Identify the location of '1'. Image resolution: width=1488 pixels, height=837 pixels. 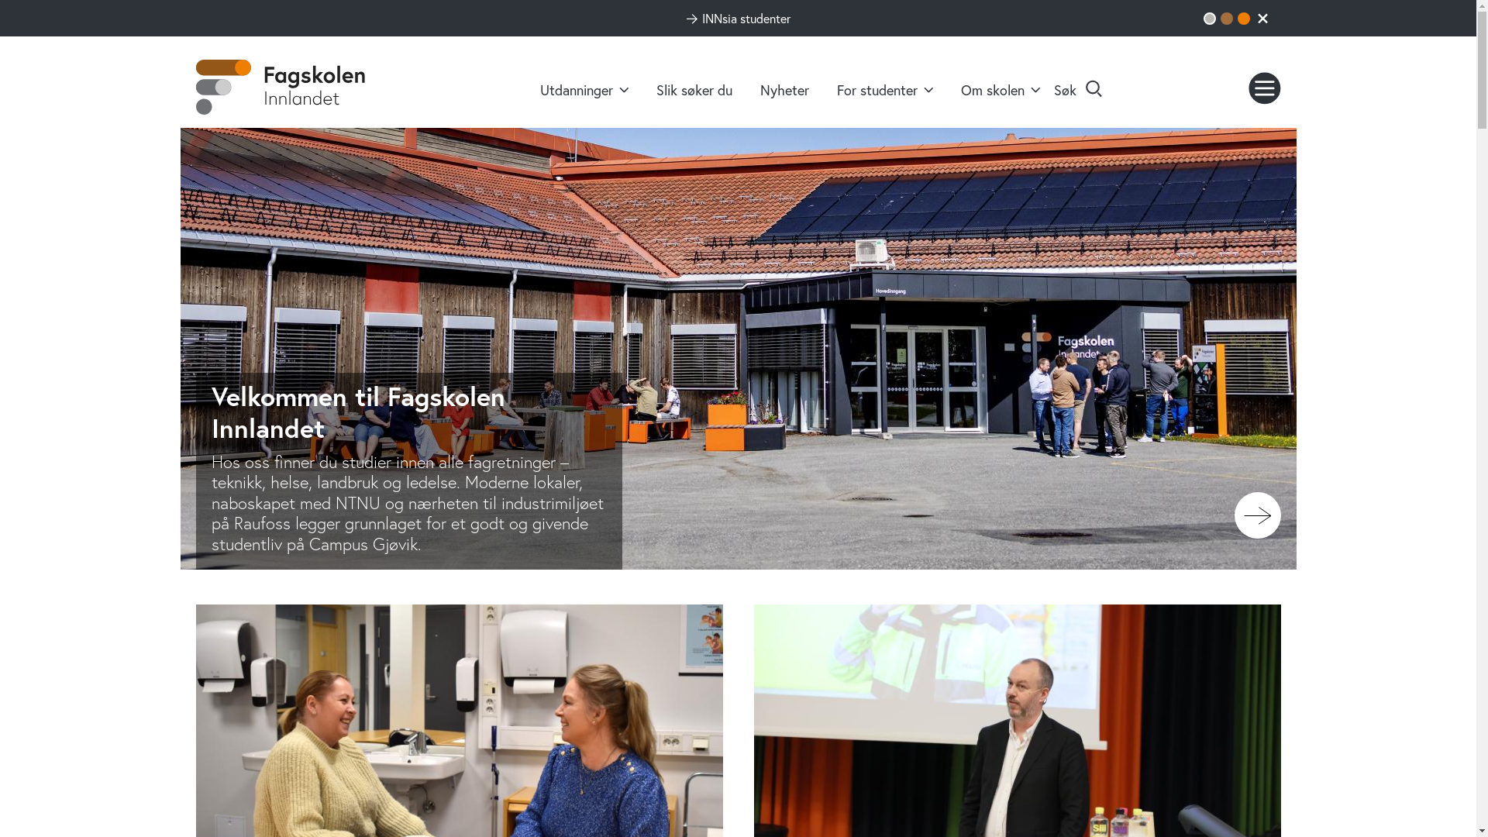
(1208, 18).